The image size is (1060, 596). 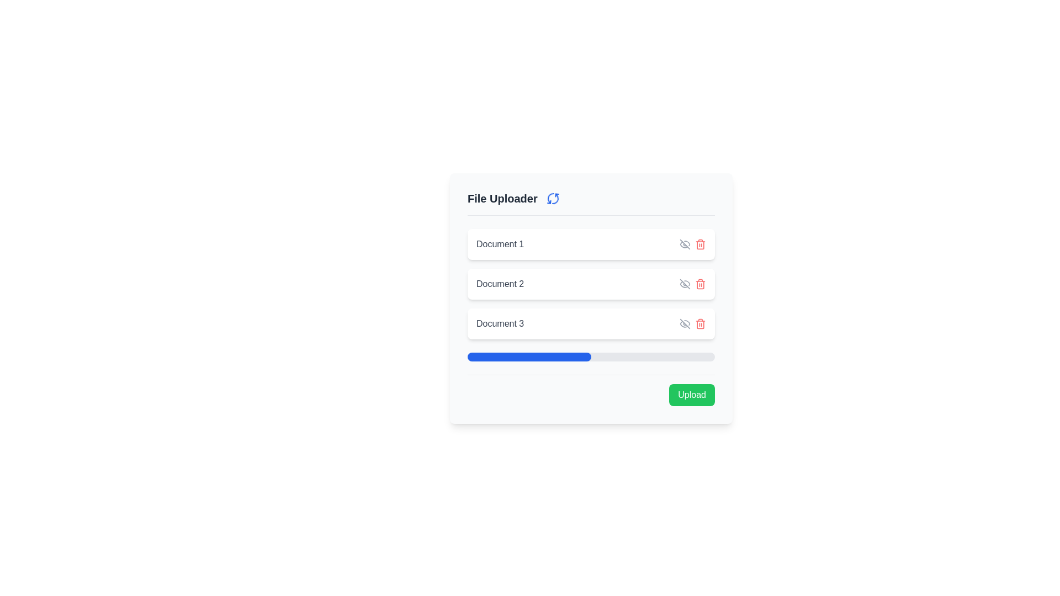 What do you see at coordinates (590, 203) in the screenshot?
I see `the spinning refresh icon in the 'File Uploader' header section to check the loading status` at bounding box center [590, 203].